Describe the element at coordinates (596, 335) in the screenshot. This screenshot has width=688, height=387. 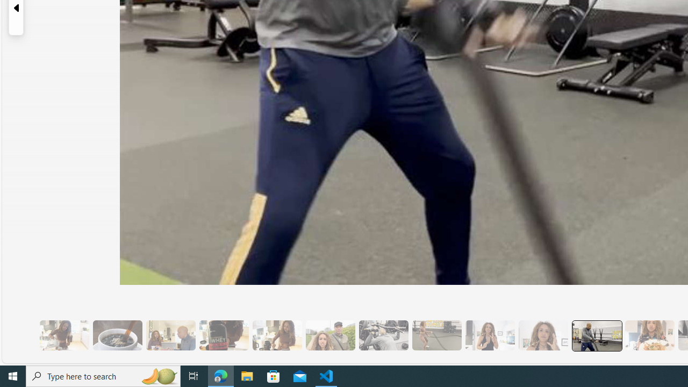
I see `'13 Her Husband Does Group Cardio Classs'` at that location.